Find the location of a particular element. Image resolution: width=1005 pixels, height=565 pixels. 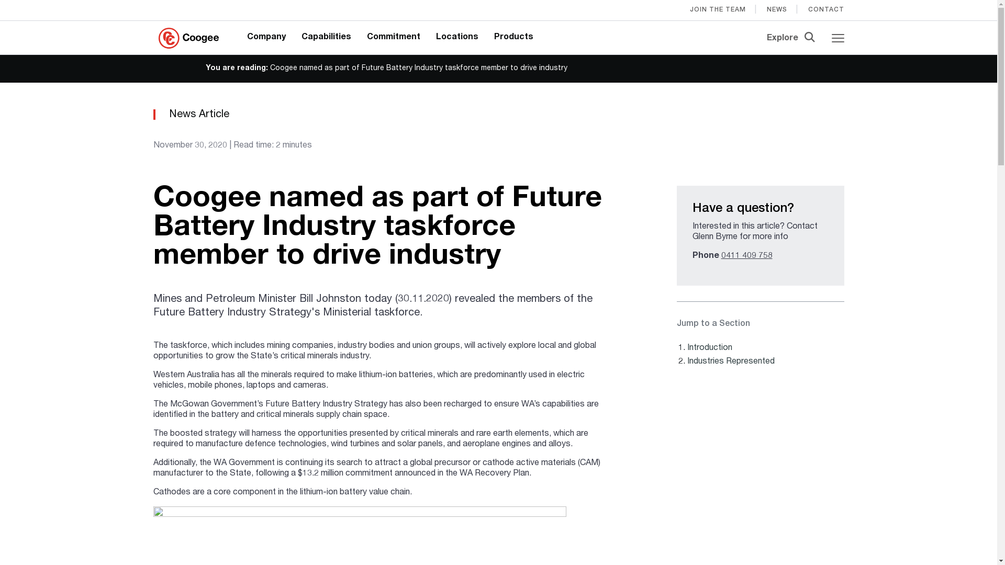

'Commitment' is located at coordinates (393, 37).